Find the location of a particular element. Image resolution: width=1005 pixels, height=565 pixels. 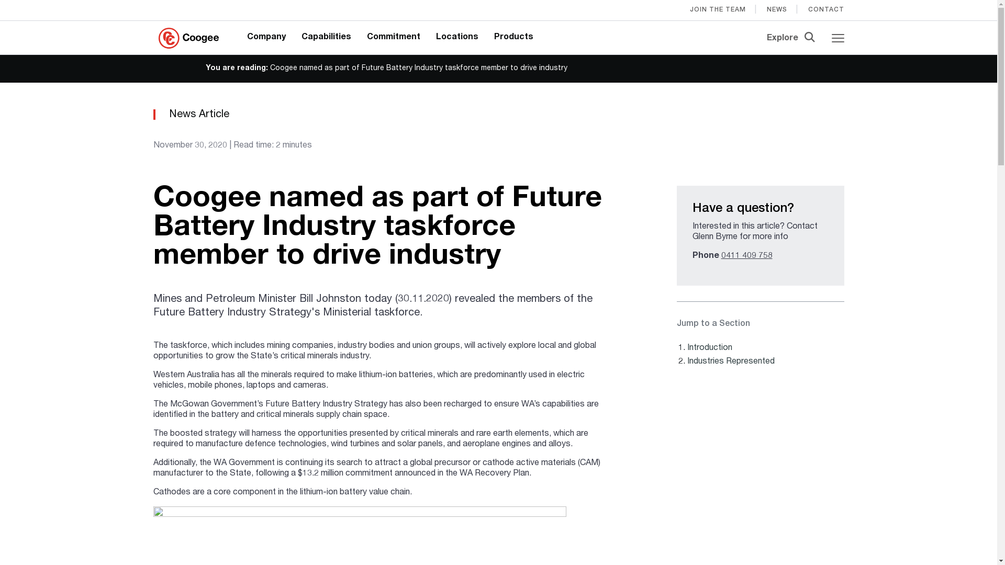

'Commitment' is located at coordinates (393, 37).